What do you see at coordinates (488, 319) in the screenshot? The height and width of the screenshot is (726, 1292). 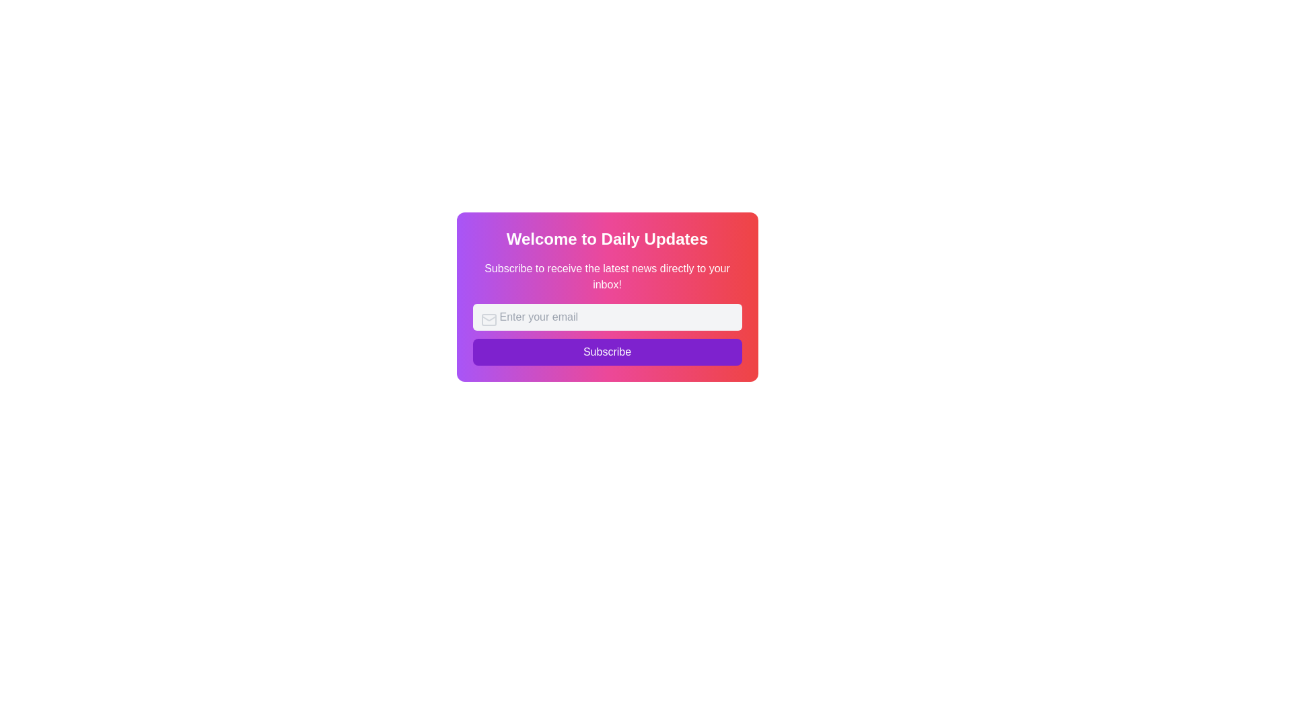 I see `the SVG envelope icon located on the left side of the email input field, which visually represents the email functionality` at bounding box center [488, 319].